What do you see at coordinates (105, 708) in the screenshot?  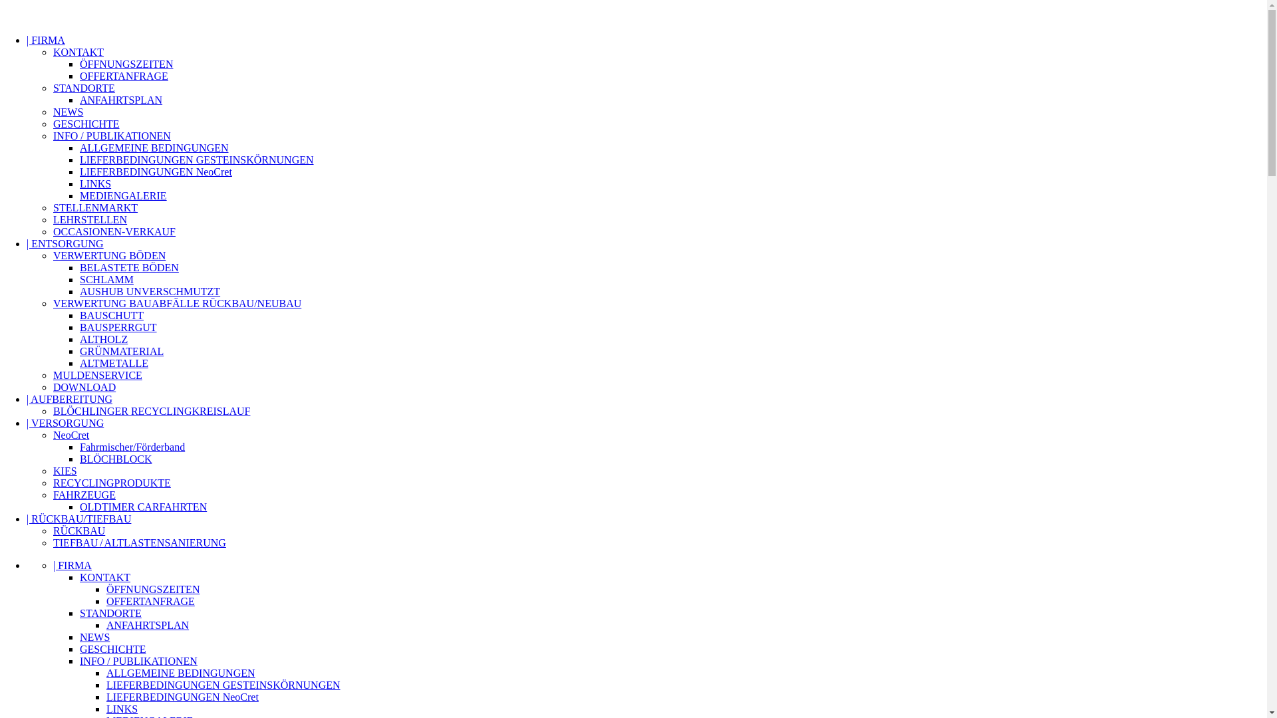 I see `'LINKS'` at bounding box center [105, 708].